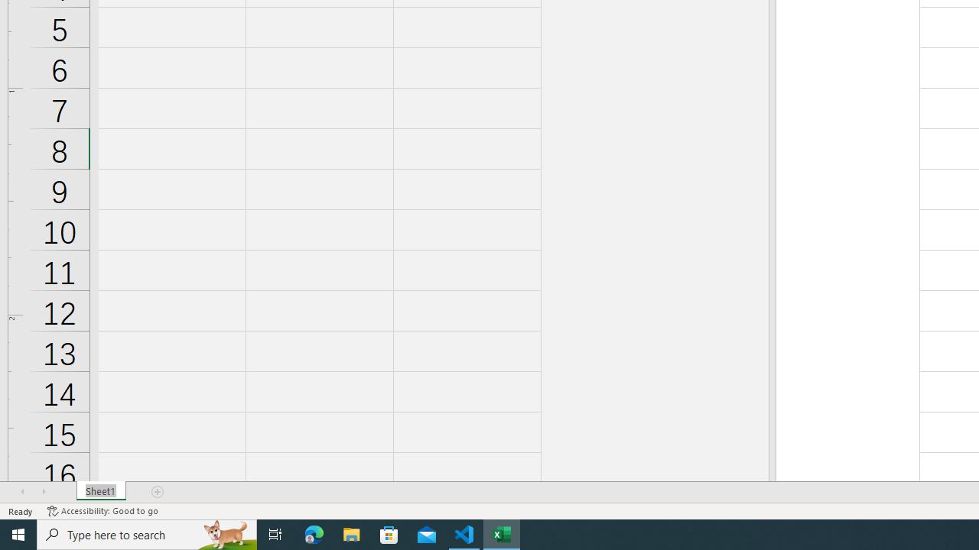  Describe the element at coordinates (158, 492) in the screenshot. I see `'Add Sheet'` at that location.